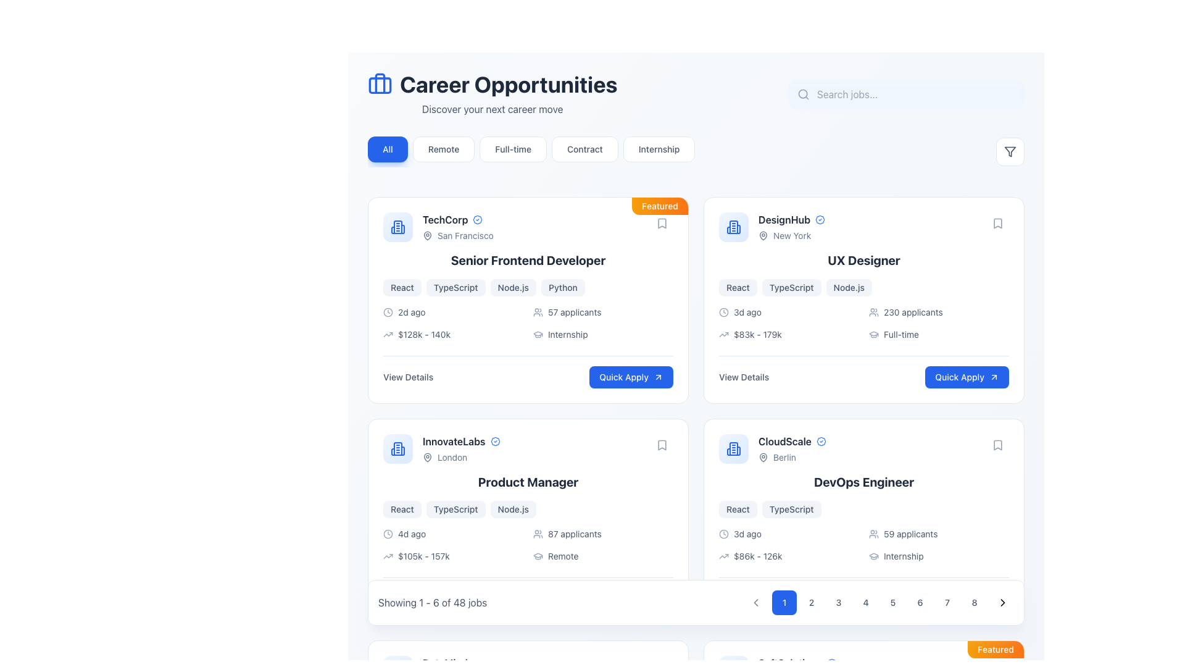 This screenshot has width=1185, height=667. Describe the element at coordinates (513, 149) in the screenshot. I see `the 'Full-time' button, which is a rectangular button with a white background and gray text, located in the third position of a horizontal row of buttons for activating the filter` at that location.